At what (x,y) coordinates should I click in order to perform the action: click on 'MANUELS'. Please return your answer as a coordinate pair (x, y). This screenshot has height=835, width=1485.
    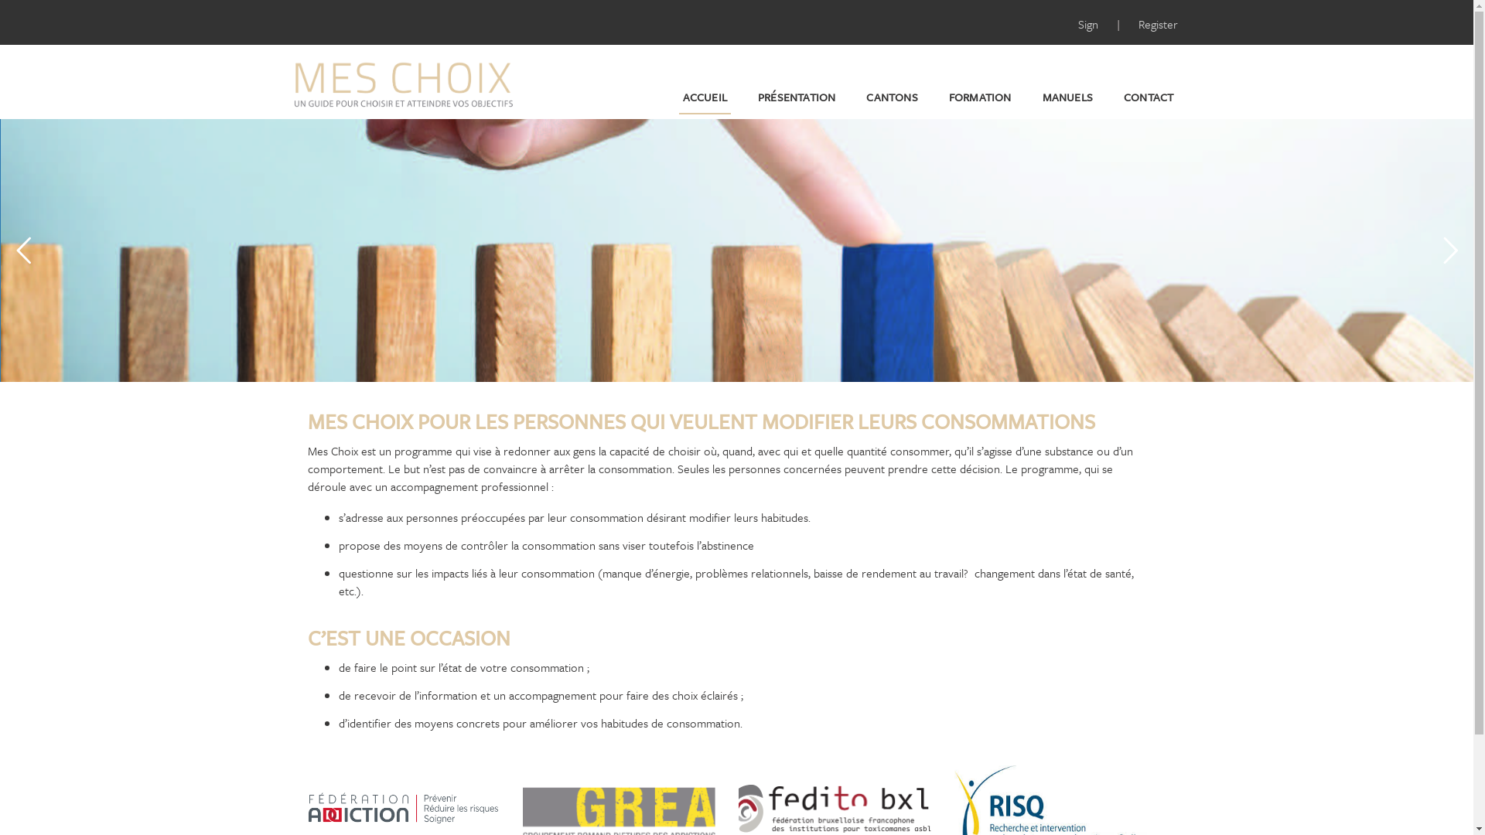
    Looking at the image, I should click on (1039, 97).